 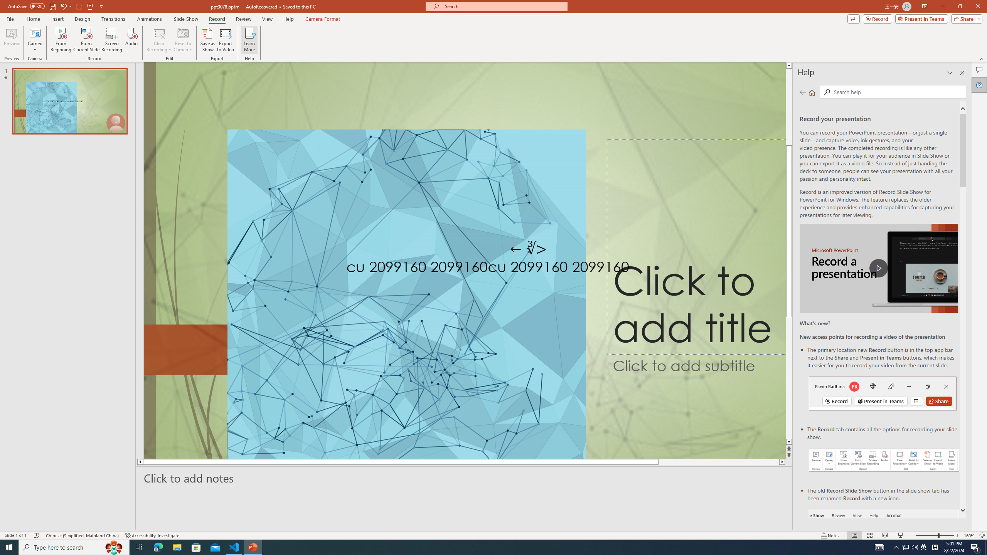 I want to click on 'play Record a Presentation', so click(x=878, y=268).